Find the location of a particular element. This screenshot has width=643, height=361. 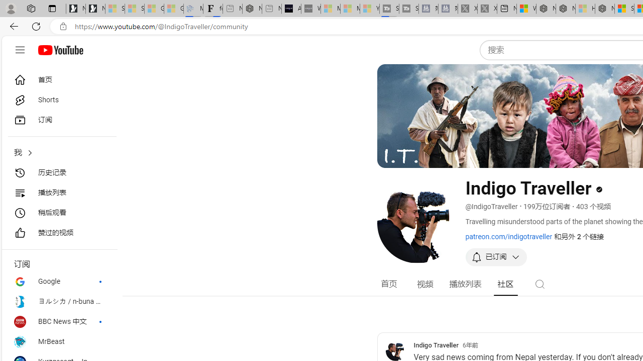

'Microsoft Start - Sleeping' is located at coordinates (350, 9).